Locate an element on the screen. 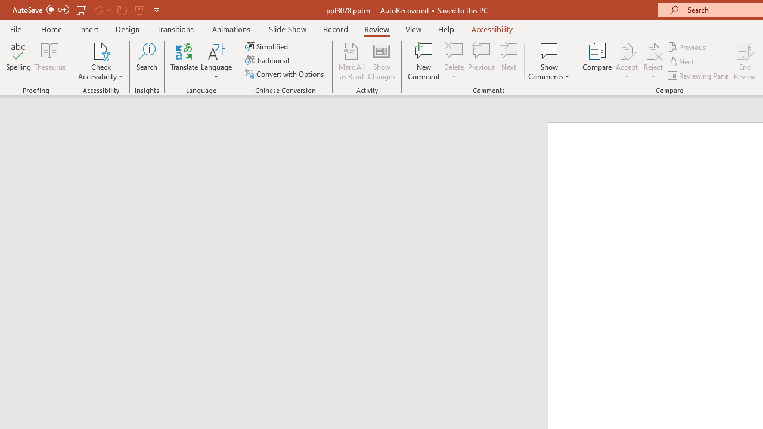 Image resolution: width=763 pixels, height=429 pixels. 'Show Comments' is located at coordinates (548, 61).